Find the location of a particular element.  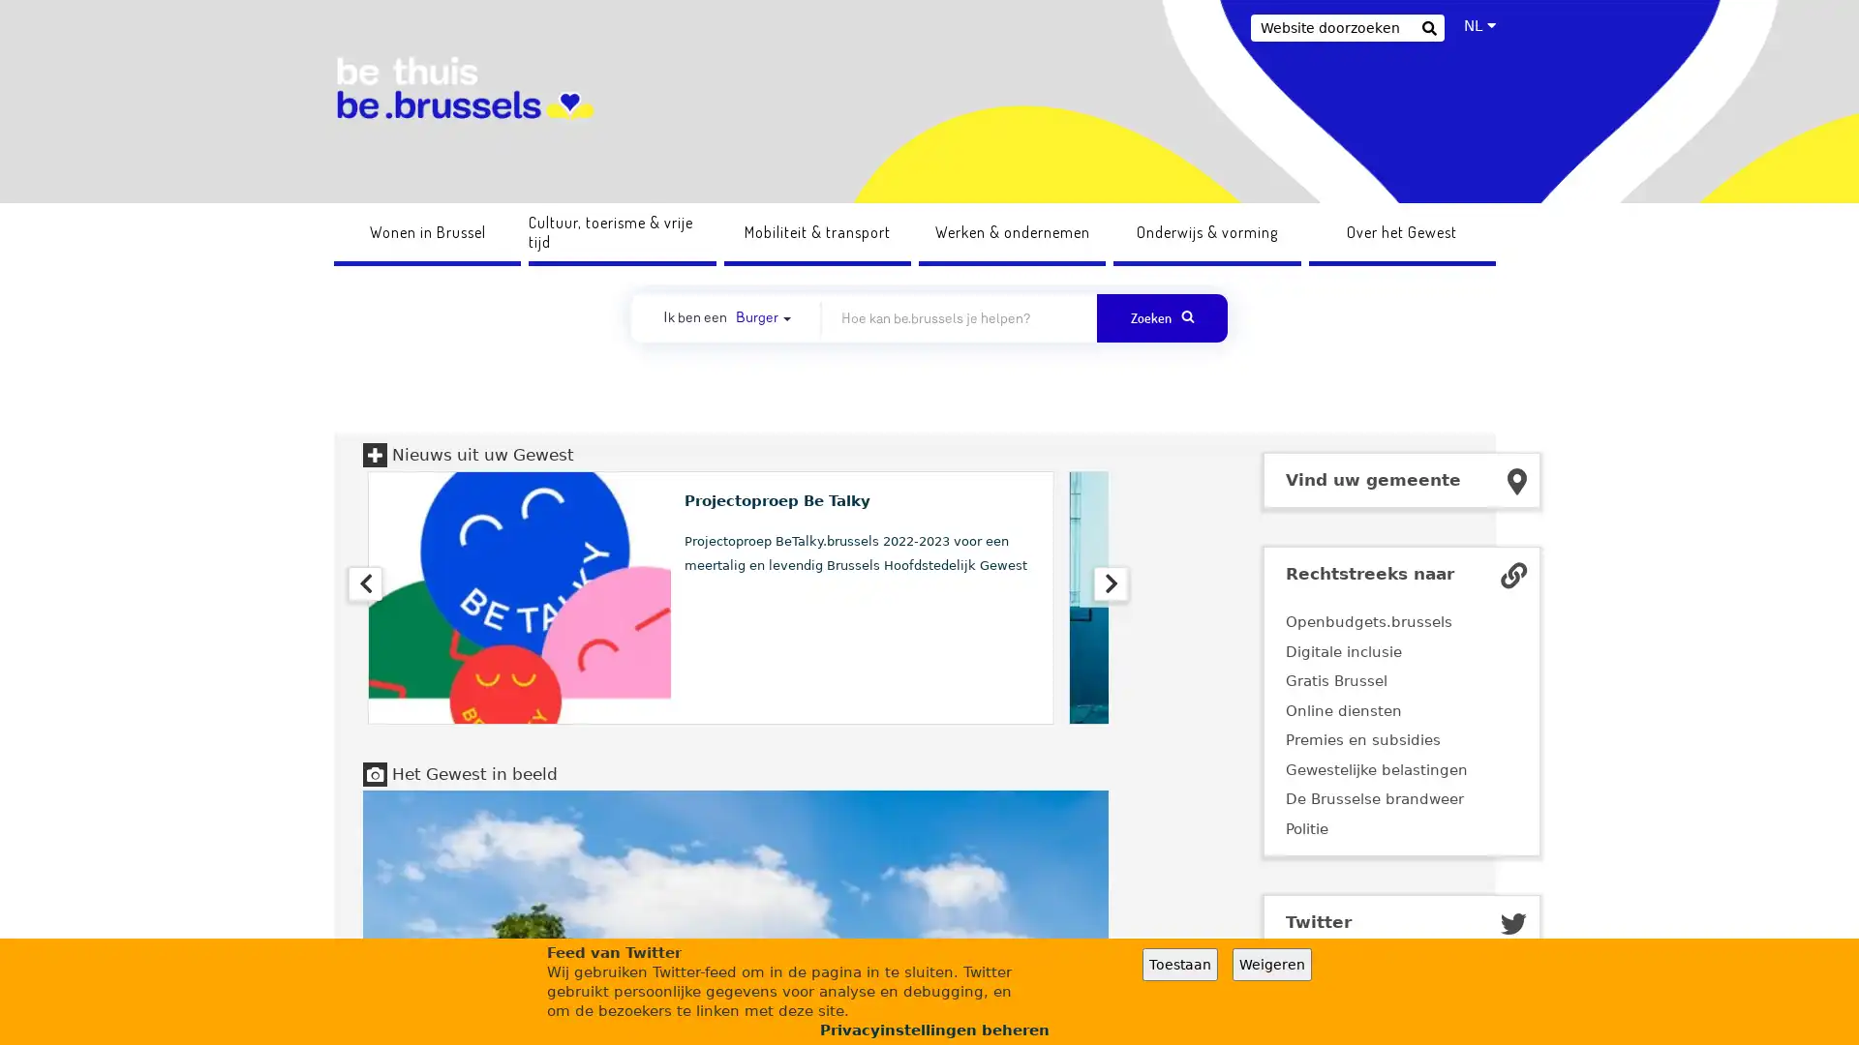

Toestaan is located at coordinates (1179, 964).